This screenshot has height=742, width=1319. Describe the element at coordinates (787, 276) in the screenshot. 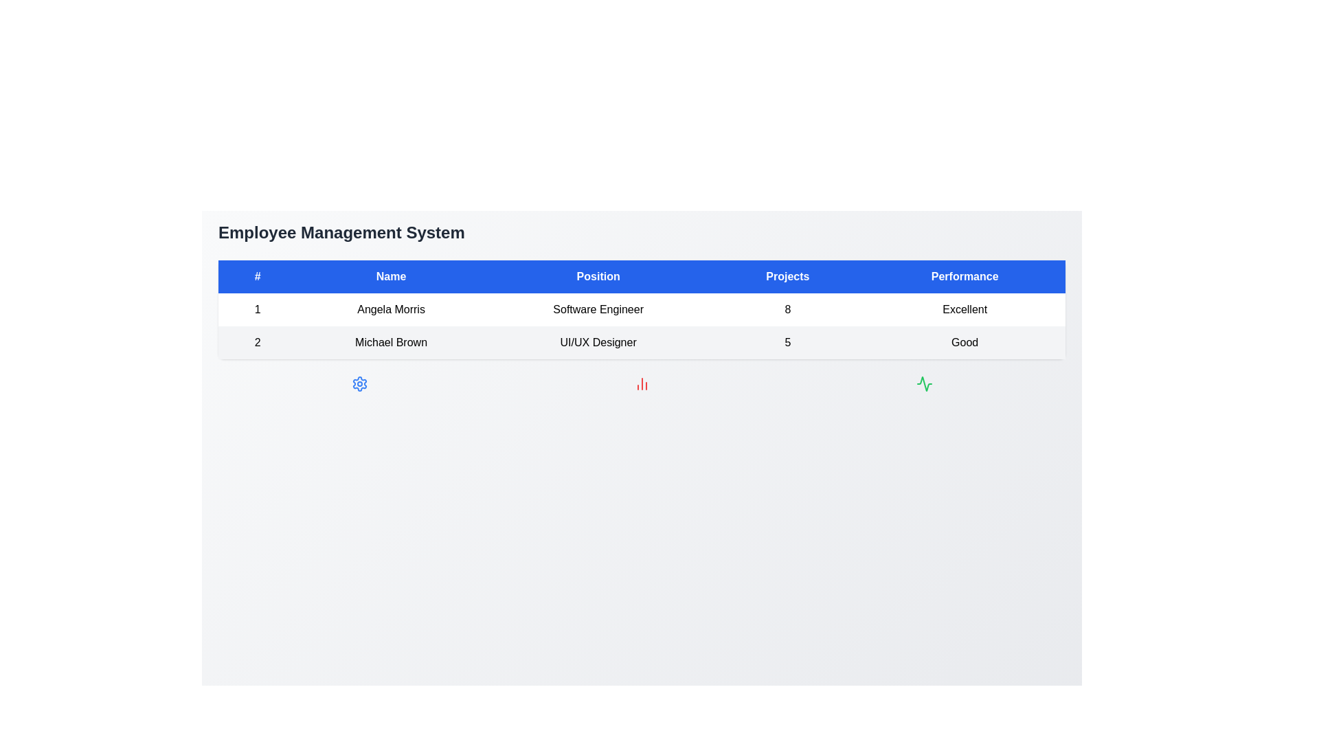

I see `the 'Projects' text label, which is a part of the table header` at that location.